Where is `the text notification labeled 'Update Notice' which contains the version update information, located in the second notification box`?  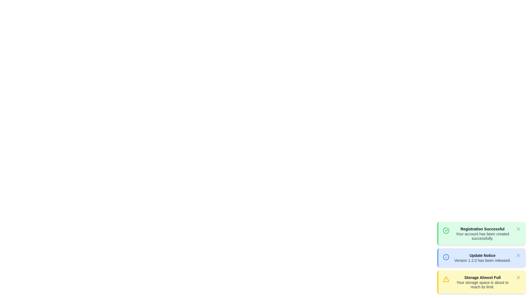 the text notification labeled 'Update Notice' which contains the version update information, located in the second notification box is located at coordinates (482, 257).